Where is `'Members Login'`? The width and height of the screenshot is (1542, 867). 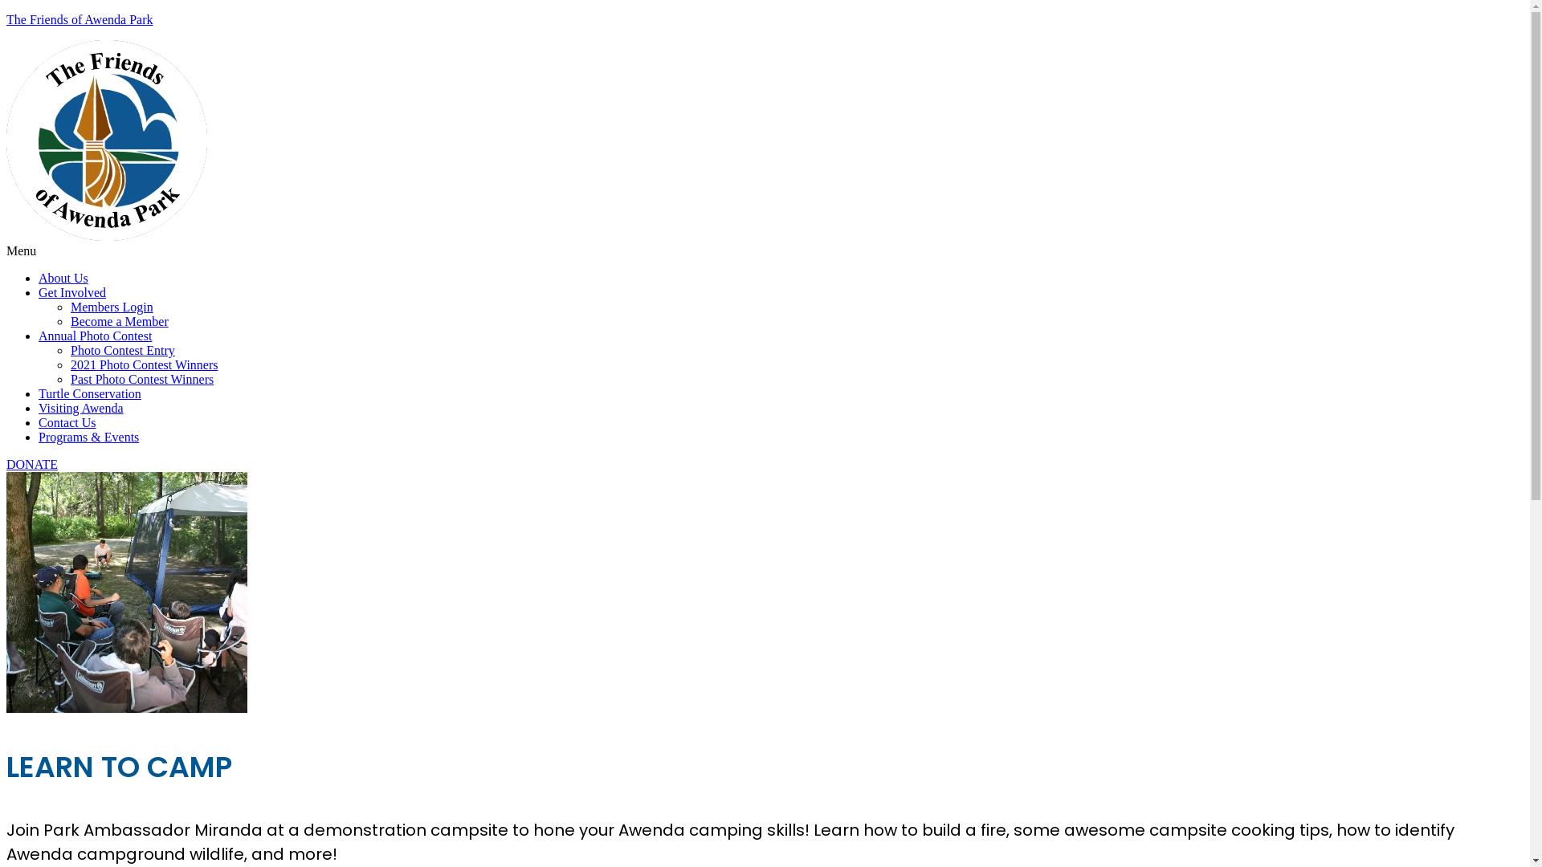 'Members Login' is located at coordinates (111, 307).